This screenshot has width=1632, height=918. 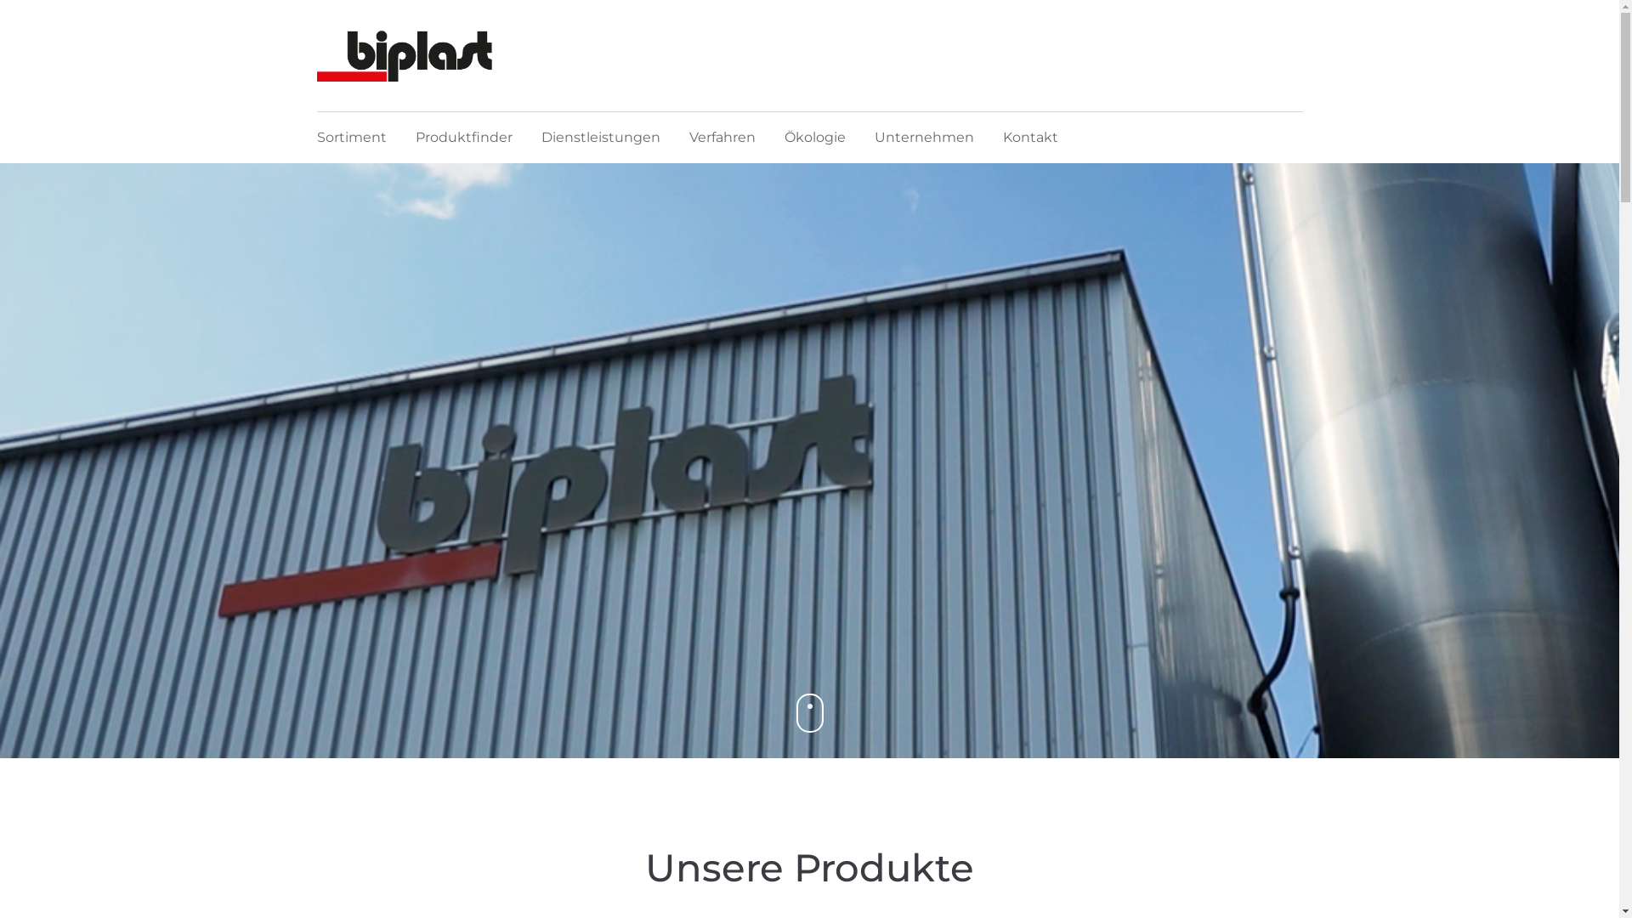 What do you see at coordinates (463, 137) in the screenshot?
I see `'Produktfinder'` at bounding box center [463, 137].